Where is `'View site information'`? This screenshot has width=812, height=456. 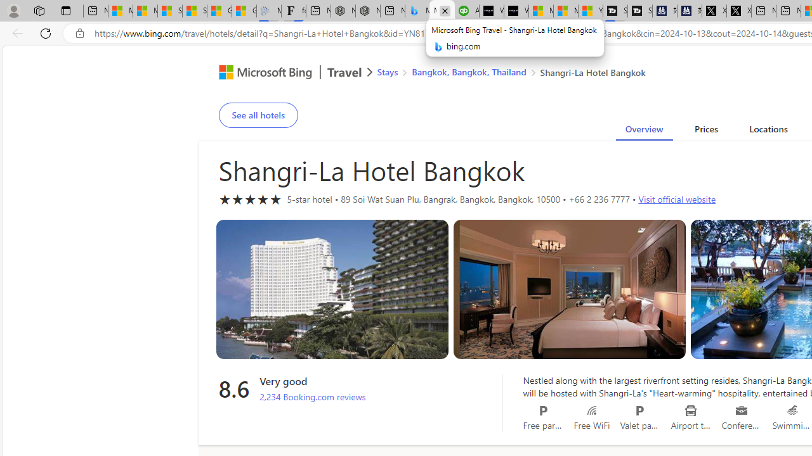
'View site information' is located at coordinates (79, 33).